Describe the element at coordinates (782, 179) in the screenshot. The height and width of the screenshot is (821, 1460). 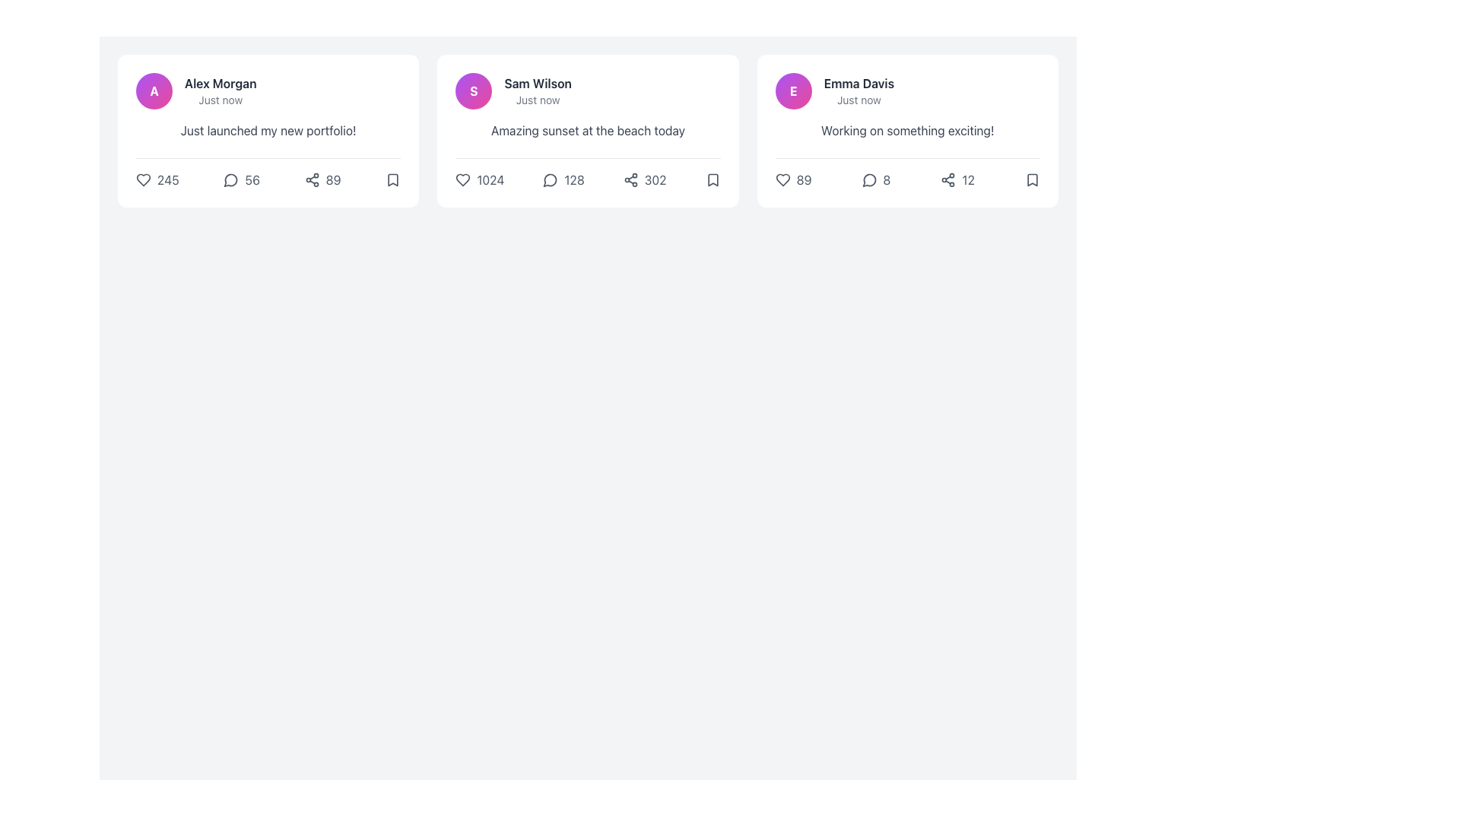
I see `the heart icon located in the interaction row of the card for user 'Emma Davis'` at that location.